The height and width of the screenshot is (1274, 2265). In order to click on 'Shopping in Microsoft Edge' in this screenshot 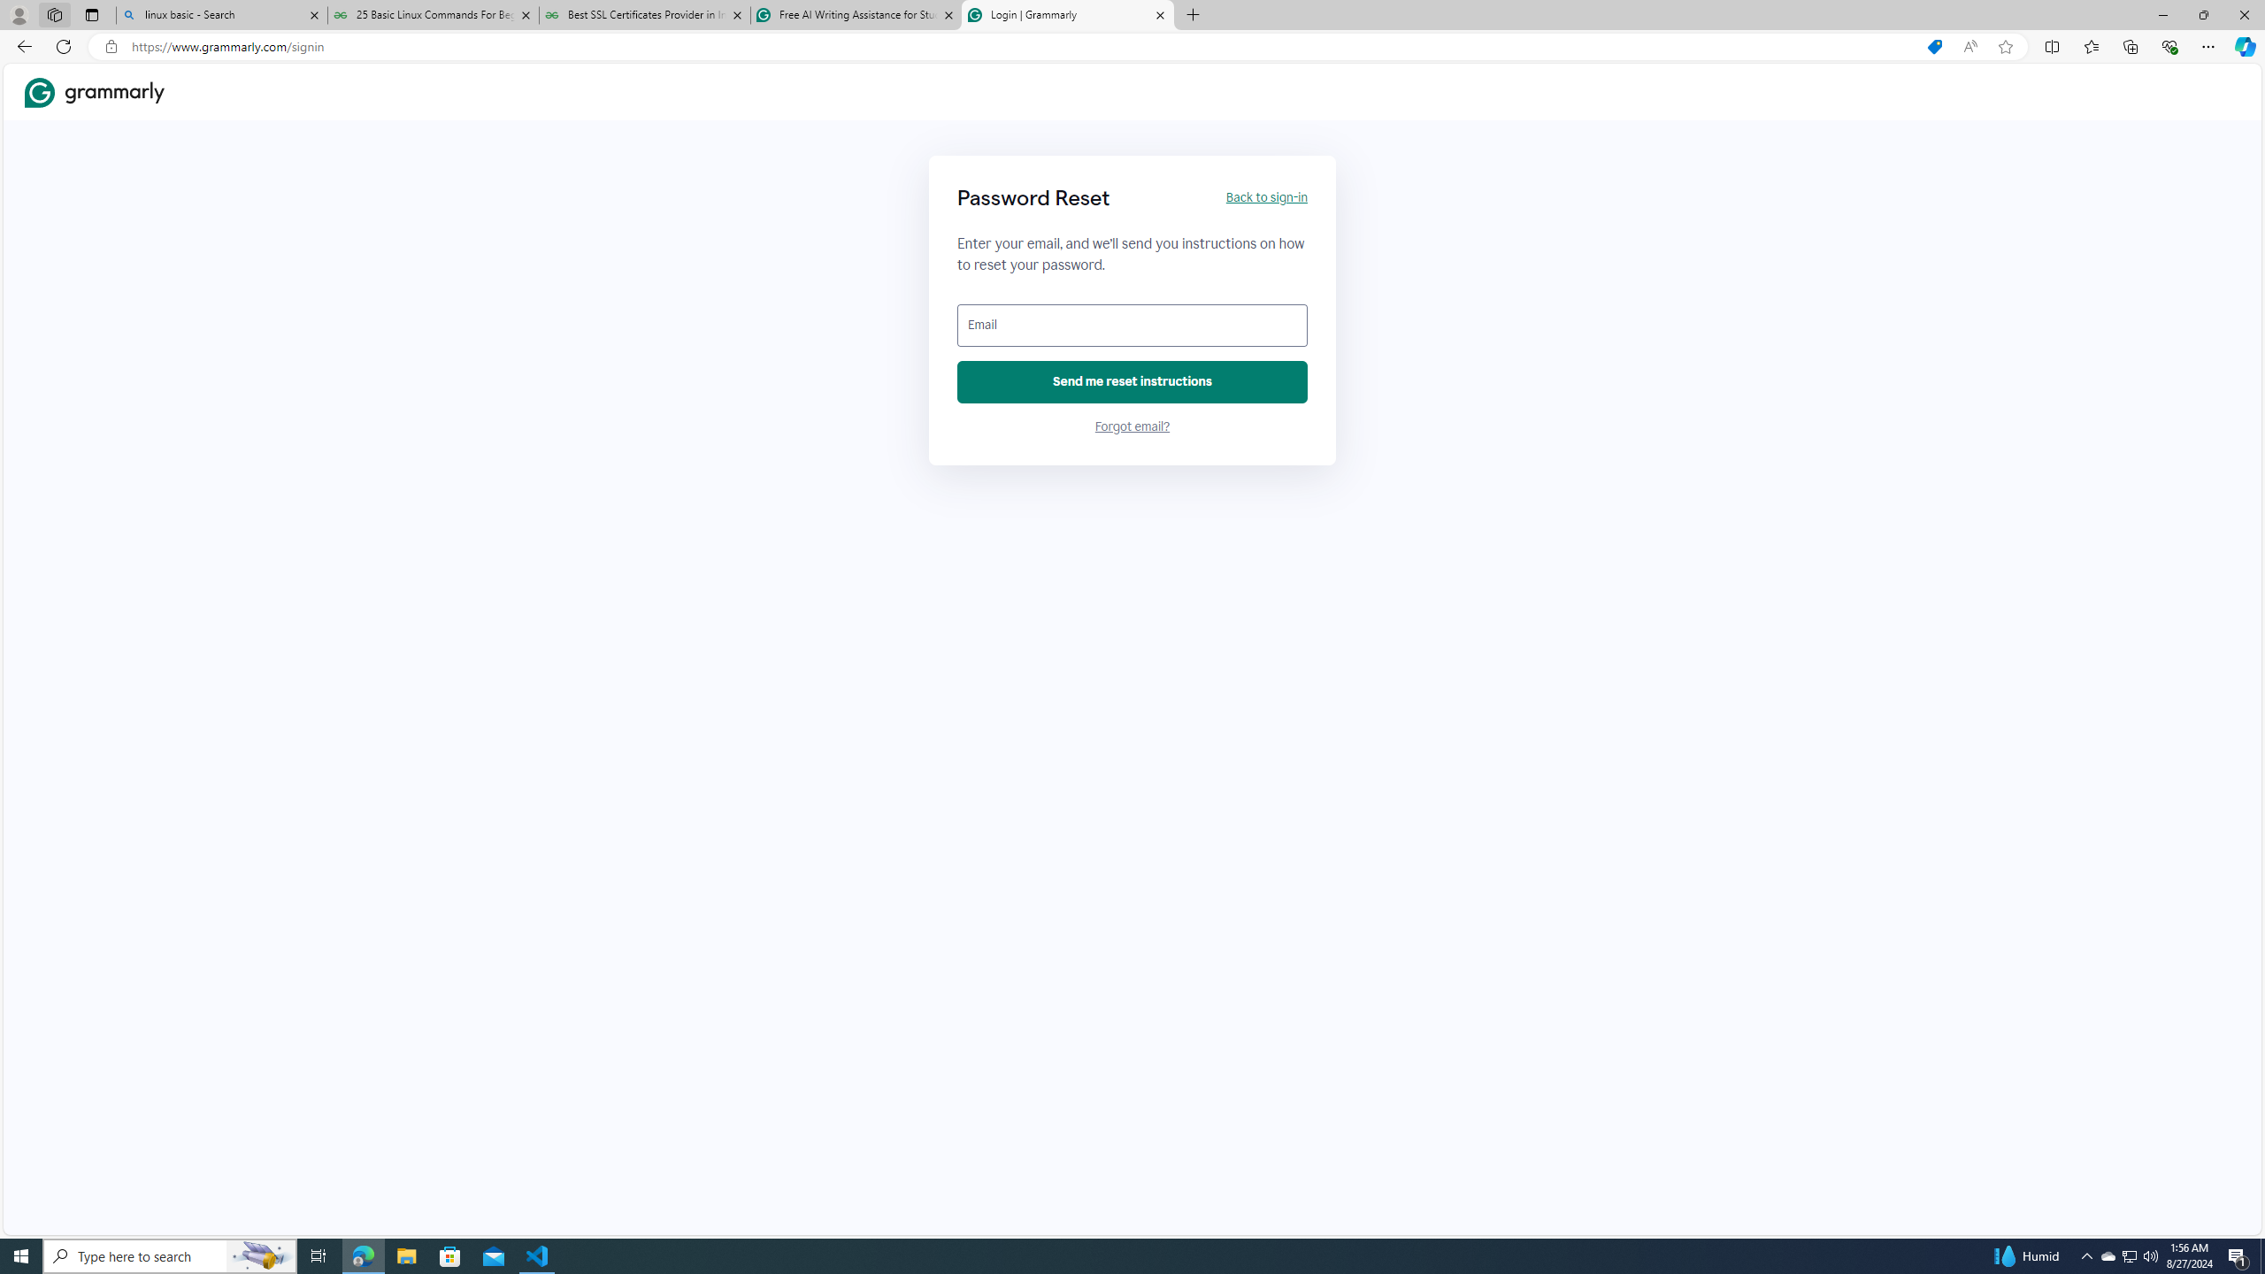, I will do `click(1933, 47)`.